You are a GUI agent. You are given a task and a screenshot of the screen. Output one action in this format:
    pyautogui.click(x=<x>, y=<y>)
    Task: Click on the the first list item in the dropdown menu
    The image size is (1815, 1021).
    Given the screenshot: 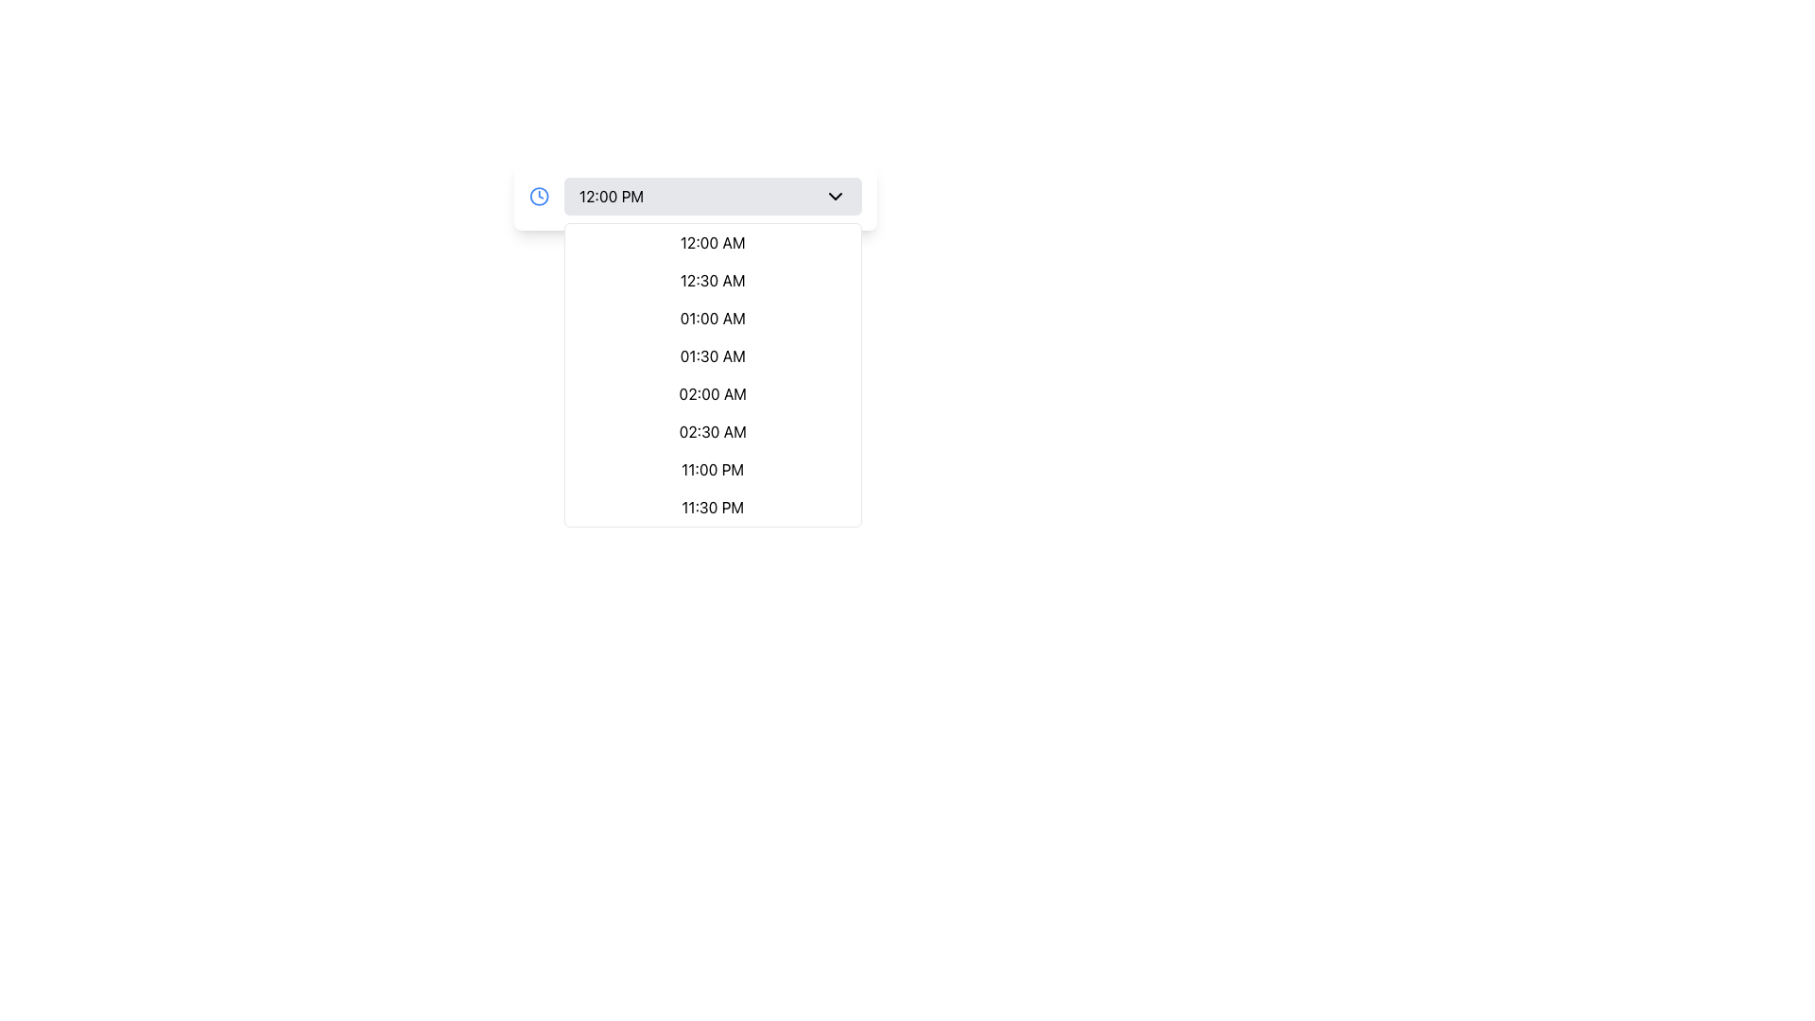 What is the action you would take?
    pyautogui.click(x=711, y=242)
    